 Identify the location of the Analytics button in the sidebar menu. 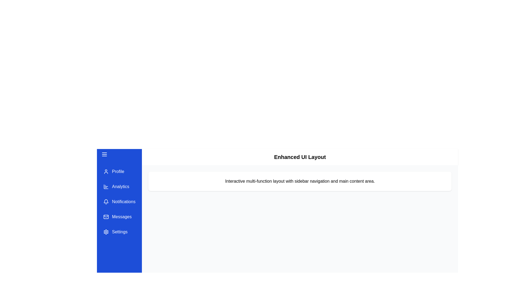
(116, 186).